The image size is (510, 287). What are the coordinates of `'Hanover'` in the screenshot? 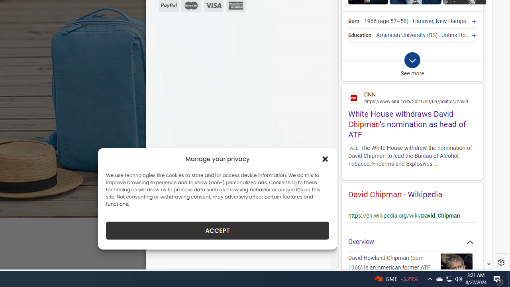 It's located at (422, 21).